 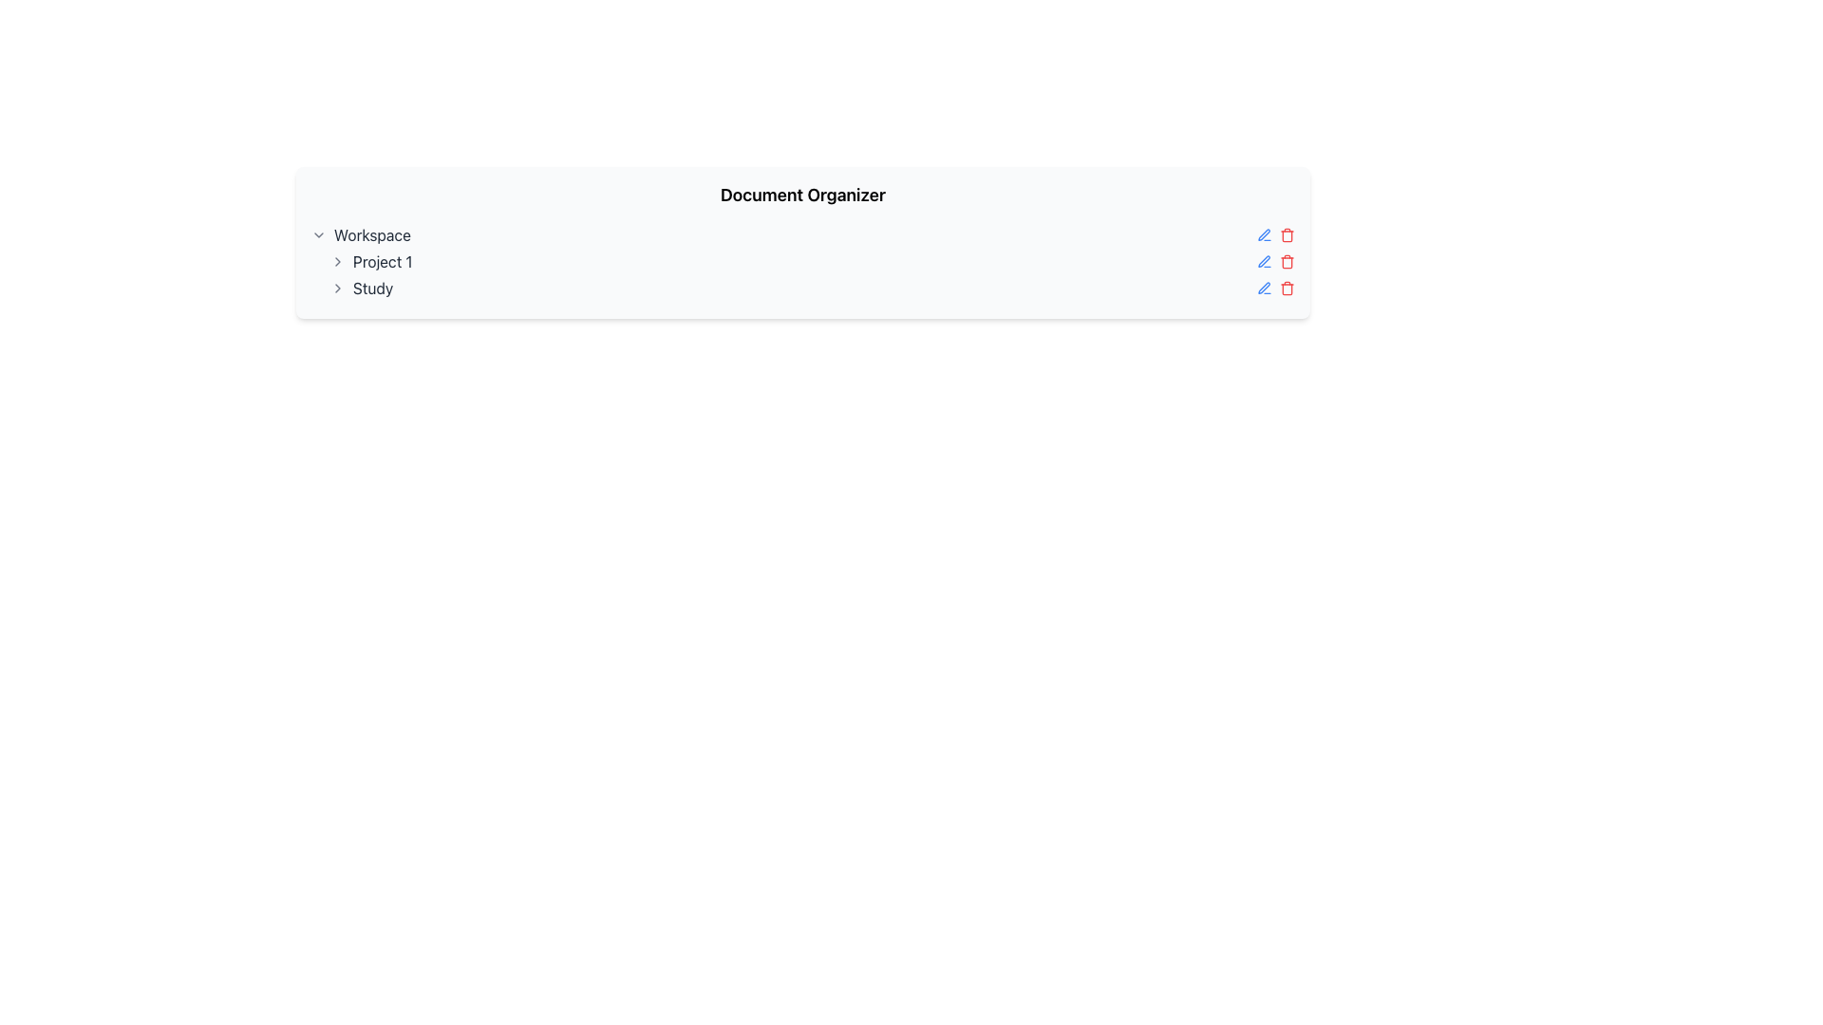 What do you see at coordinates (1287, 233) in the screenshot?
I see `the red outlined trash icon` at bounding box center [1287, 233].